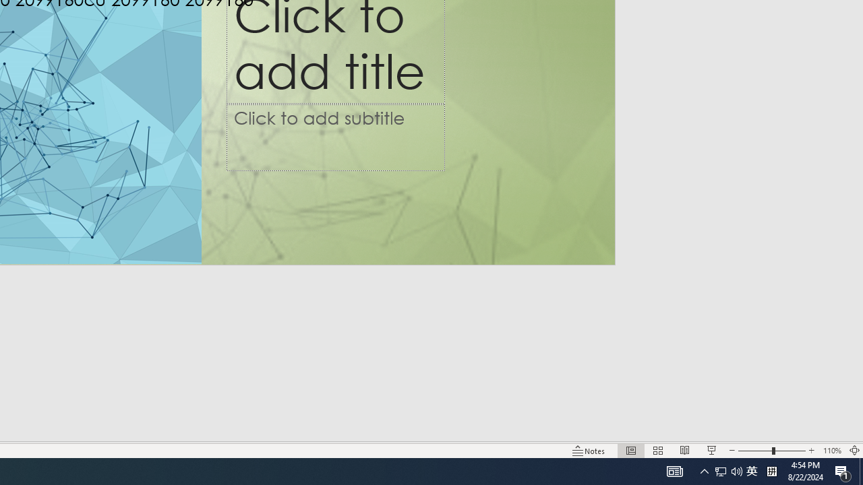 The image size is (863, 485). Describe the element at coordinates (704, 470) in the screenshot. I see `'Notification Chevron'` at that location.